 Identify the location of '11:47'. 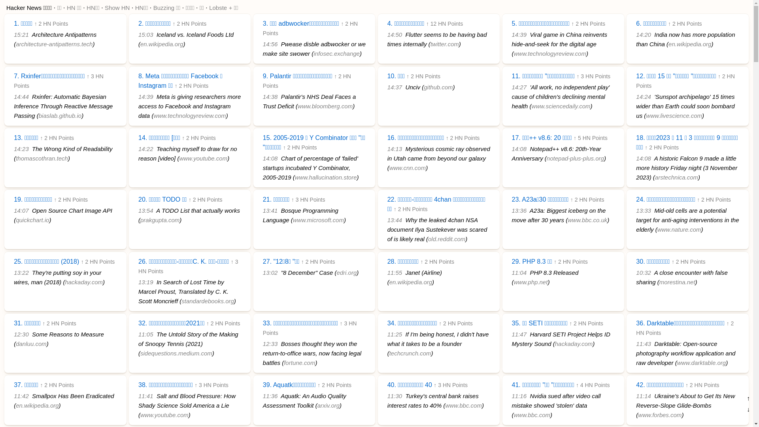
(512, 334).